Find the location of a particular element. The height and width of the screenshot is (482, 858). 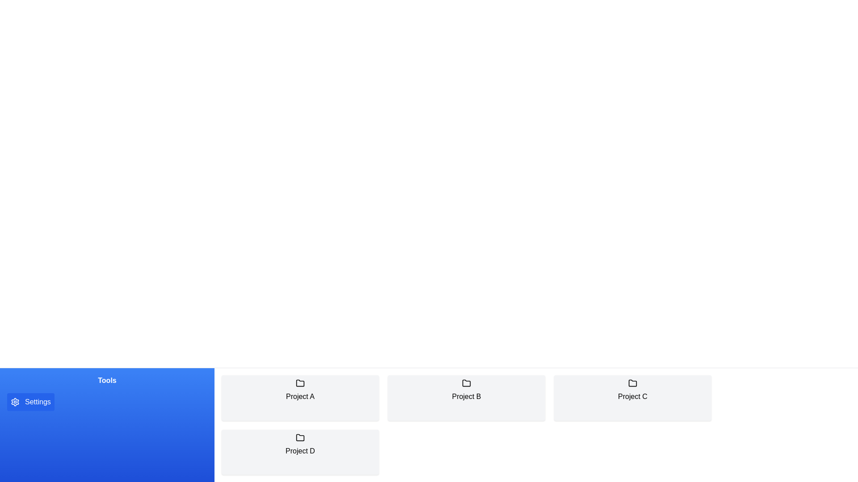

the circular gear-like icon inside the 'Settings' button is located at coordinates (15, 402).